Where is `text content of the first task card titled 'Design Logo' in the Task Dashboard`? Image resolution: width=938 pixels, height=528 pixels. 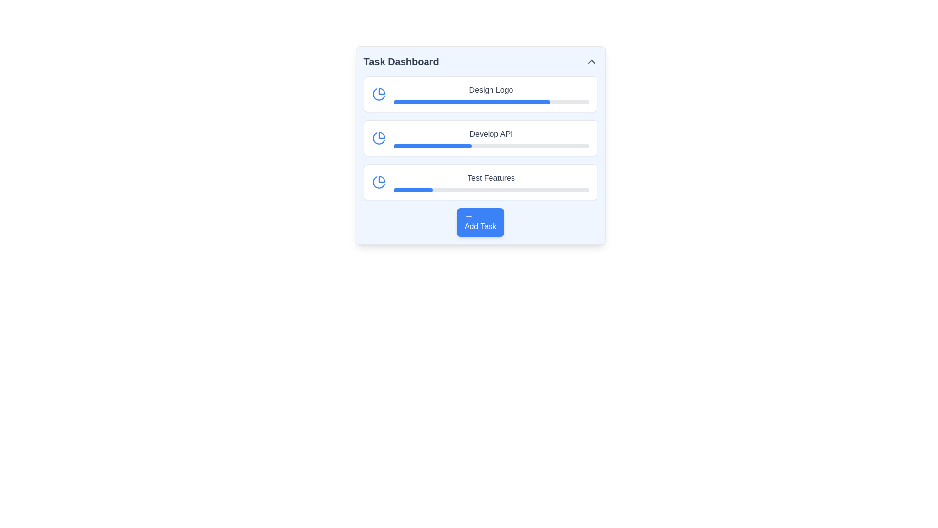 text content of the first task card titled 'Design Logo' in the Task Dashboard is located at coordinates (480, 94).